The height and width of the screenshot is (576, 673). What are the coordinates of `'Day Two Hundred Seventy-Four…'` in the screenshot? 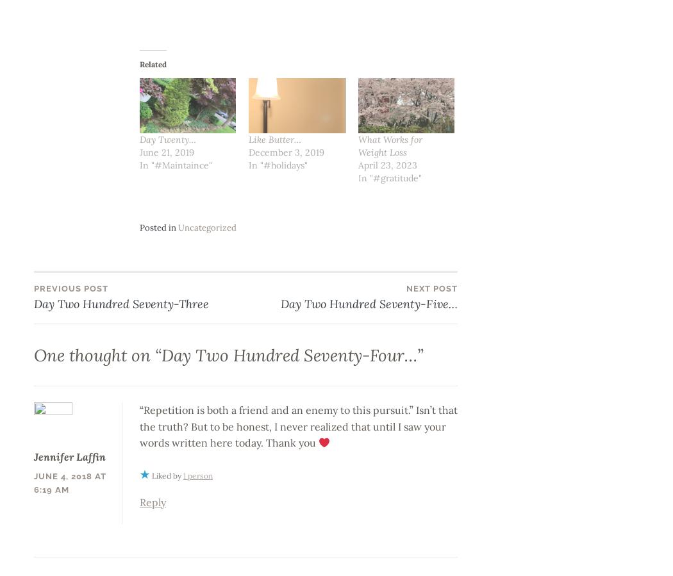 It's located at (288, 355).